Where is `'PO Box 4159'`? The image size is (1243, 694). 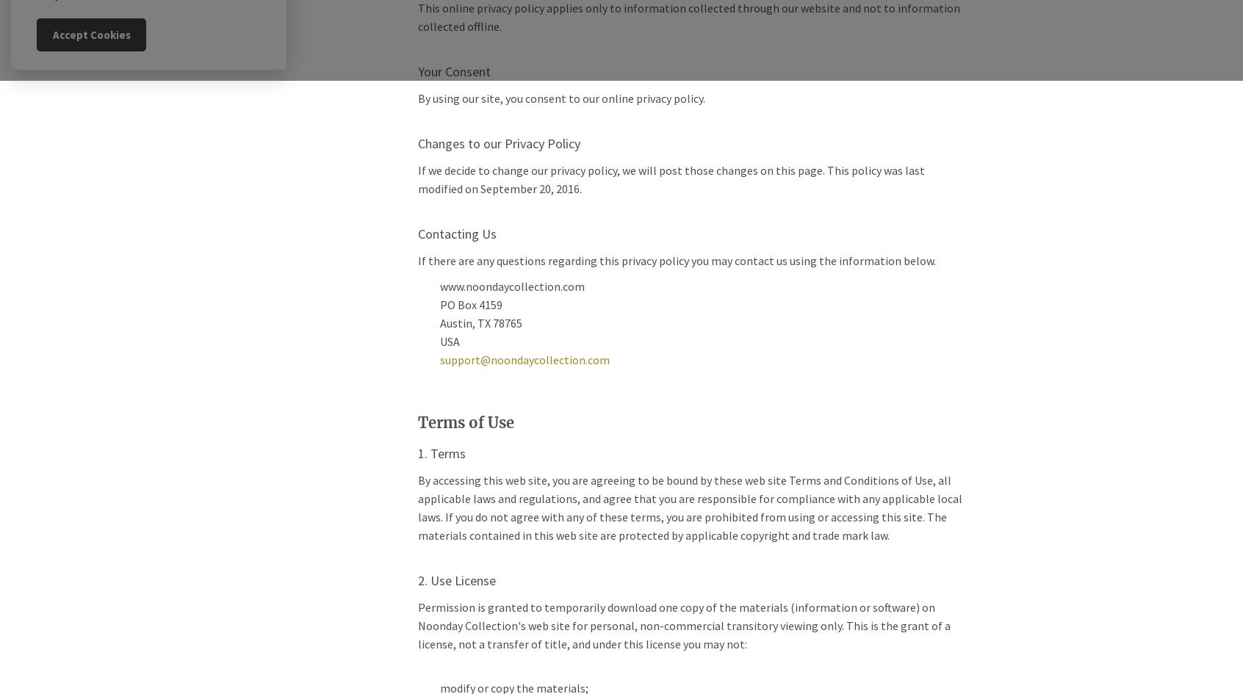 'PO Box 4159' is located at coordinates (470, 305).